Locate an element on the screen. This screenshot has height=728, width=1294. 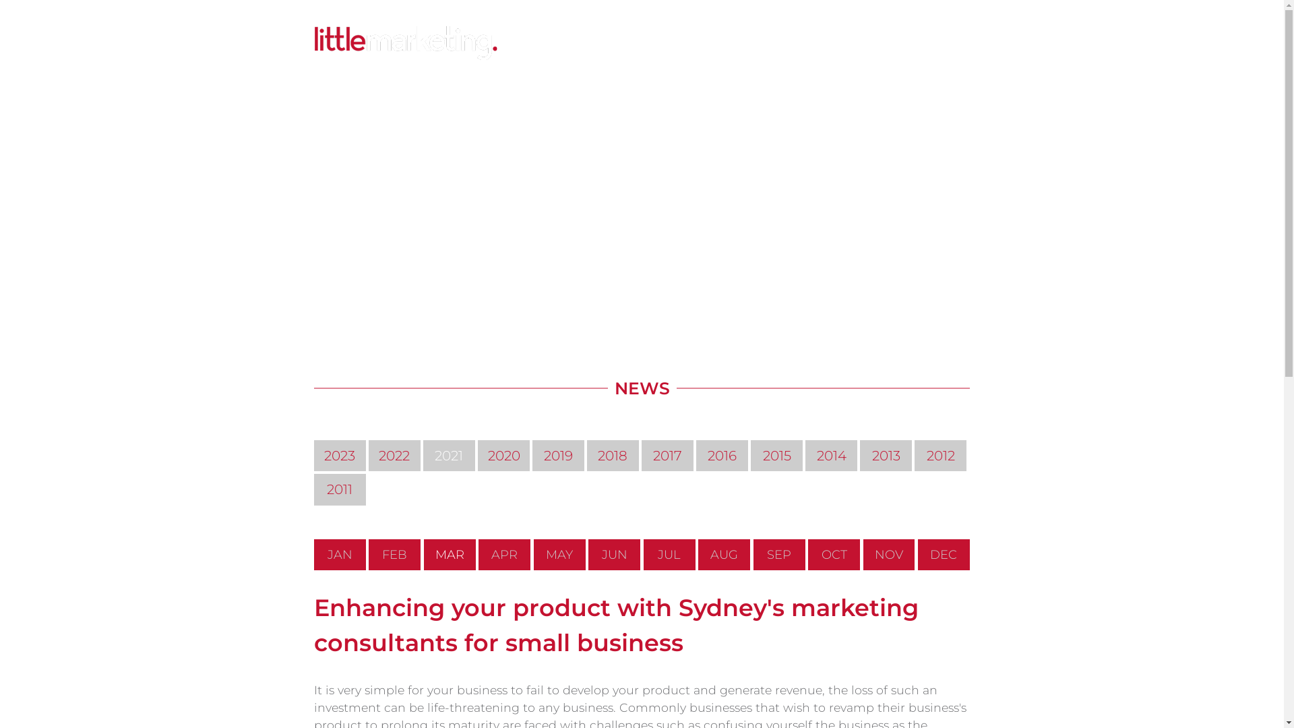
'2013' is located at coordinates (886, 455).